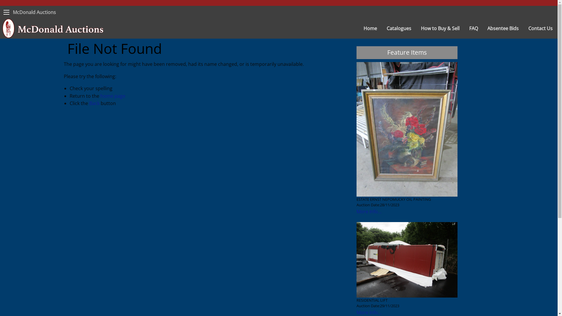 Image resolution: width=562 pixels, height=316 pixels. What do you see at coordinates (540, 28) in the screenshot?
I see `'Contact Us'` at bounding box center [540, 28].